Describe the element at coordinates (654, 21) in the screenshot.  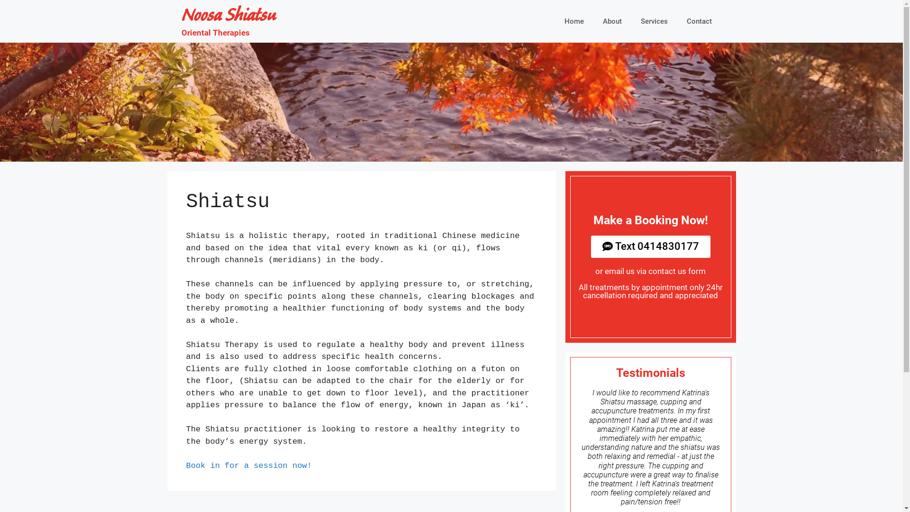
I see `'Services'` at that location.